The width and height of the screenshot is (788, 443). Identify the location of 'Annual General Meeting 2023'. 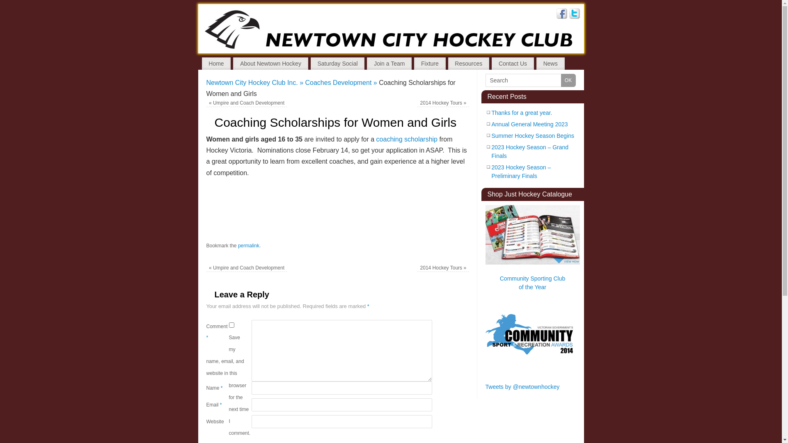
(530, 124).